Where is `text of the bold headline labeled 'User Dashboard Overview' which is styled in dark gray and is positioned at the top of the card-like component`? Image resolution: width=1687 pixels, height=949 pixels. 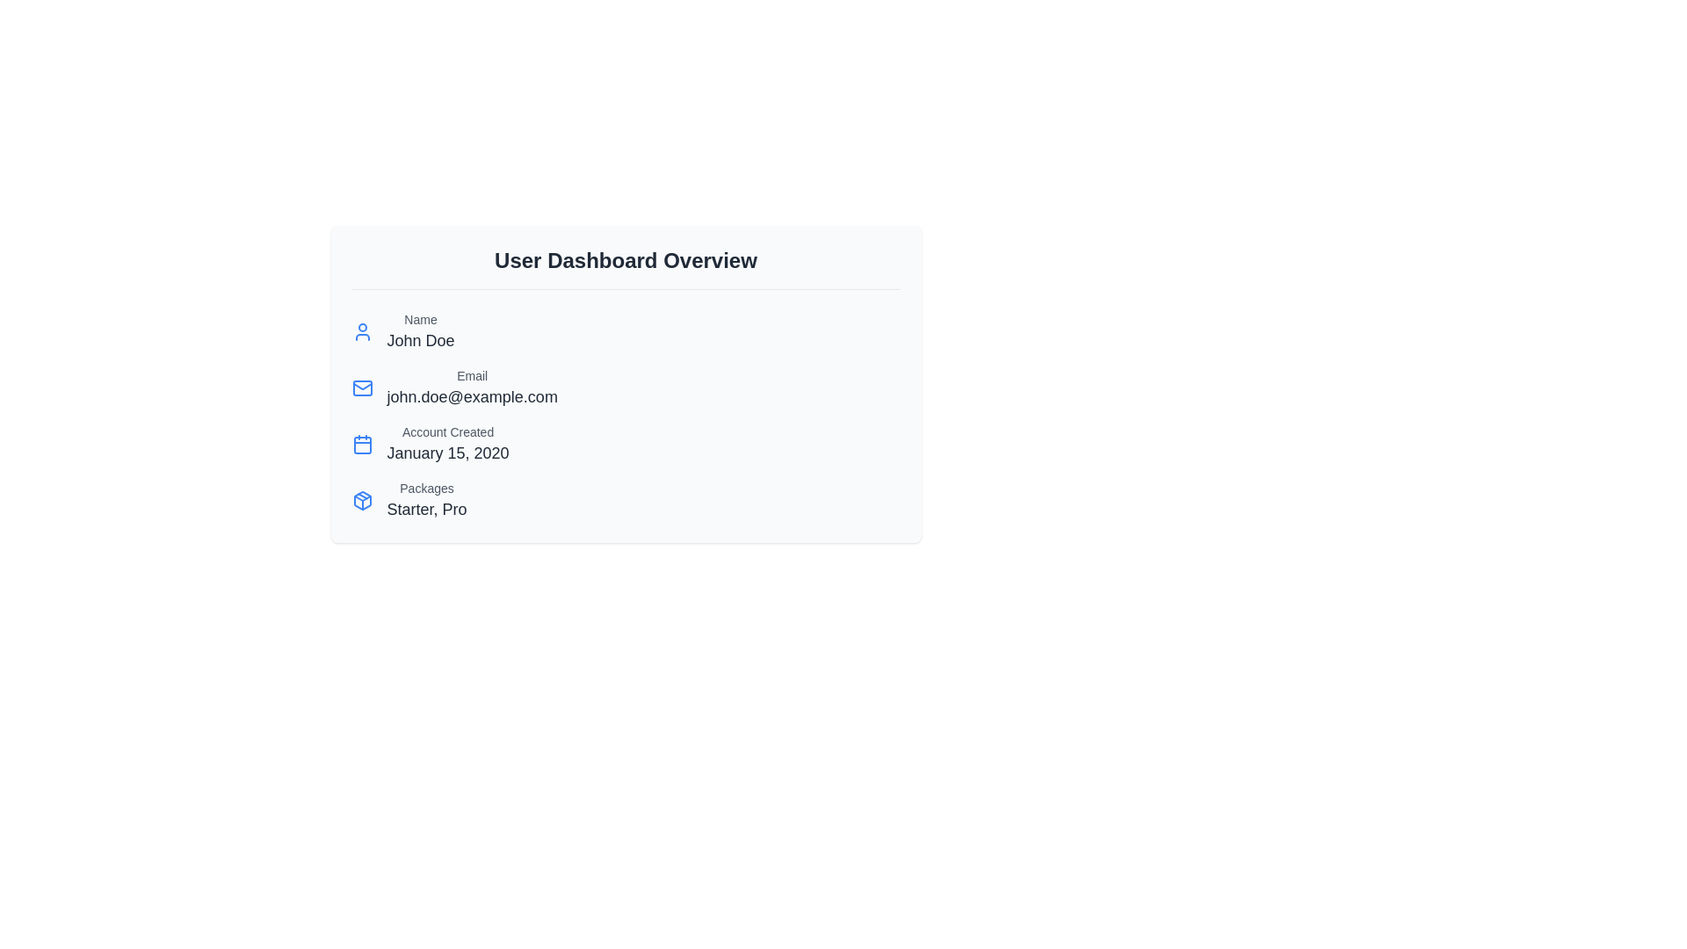 text of the bold headline labeled 'User Dashboard Overview' which is styled in dark gray and is positioned at the top of the card-like component is located at coordinates (626, 268).